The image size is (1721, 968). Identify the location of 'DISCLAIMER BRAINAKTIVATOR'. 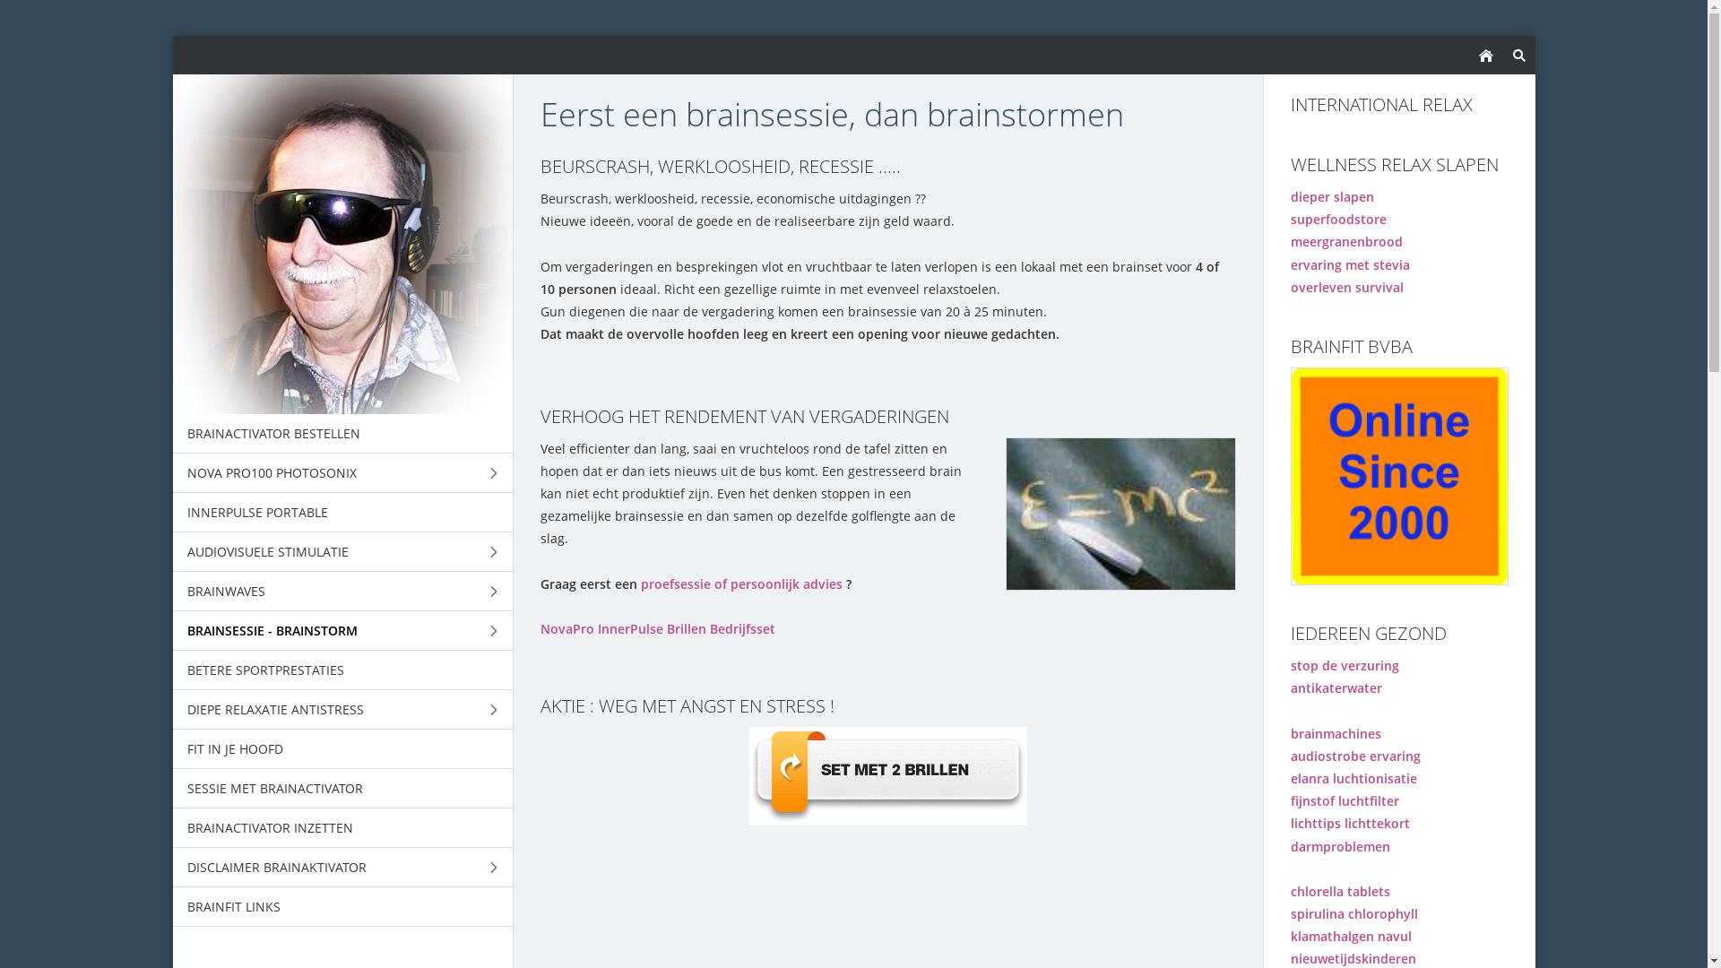
(342, 867).